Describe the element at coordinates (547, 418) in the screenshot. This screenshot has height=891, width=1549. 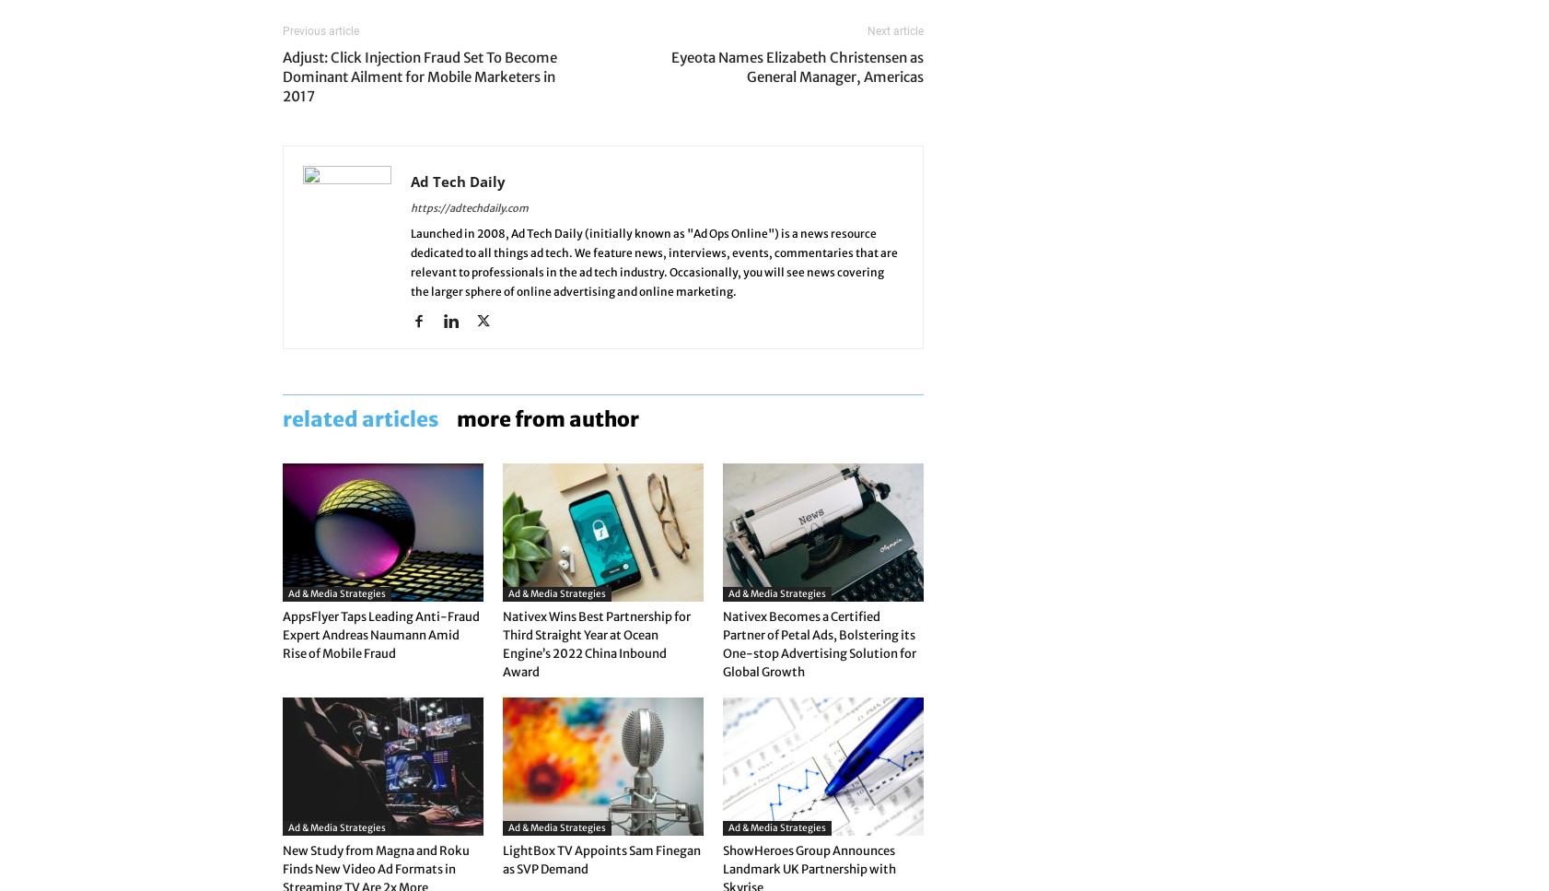
I see `'MORE FROM AUTHOR'` at that location.